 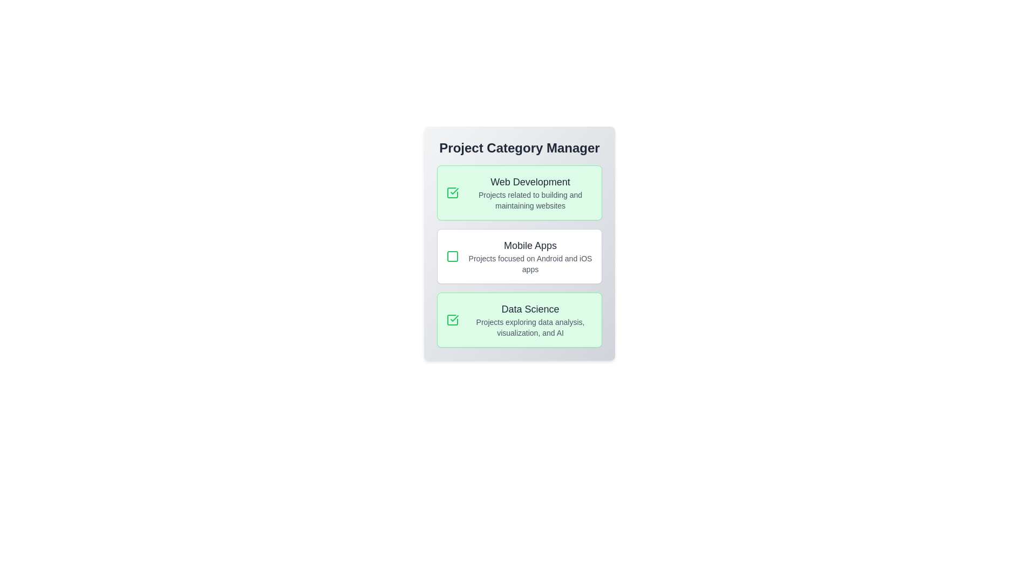 What do you see at coordinates (453, 256) in the screenshot?
I see `the SVG graphical element styled as an empty square with a border located next to the 'Mobile Apps' text in the Project Category Manager` at bounding box center [453, 256].